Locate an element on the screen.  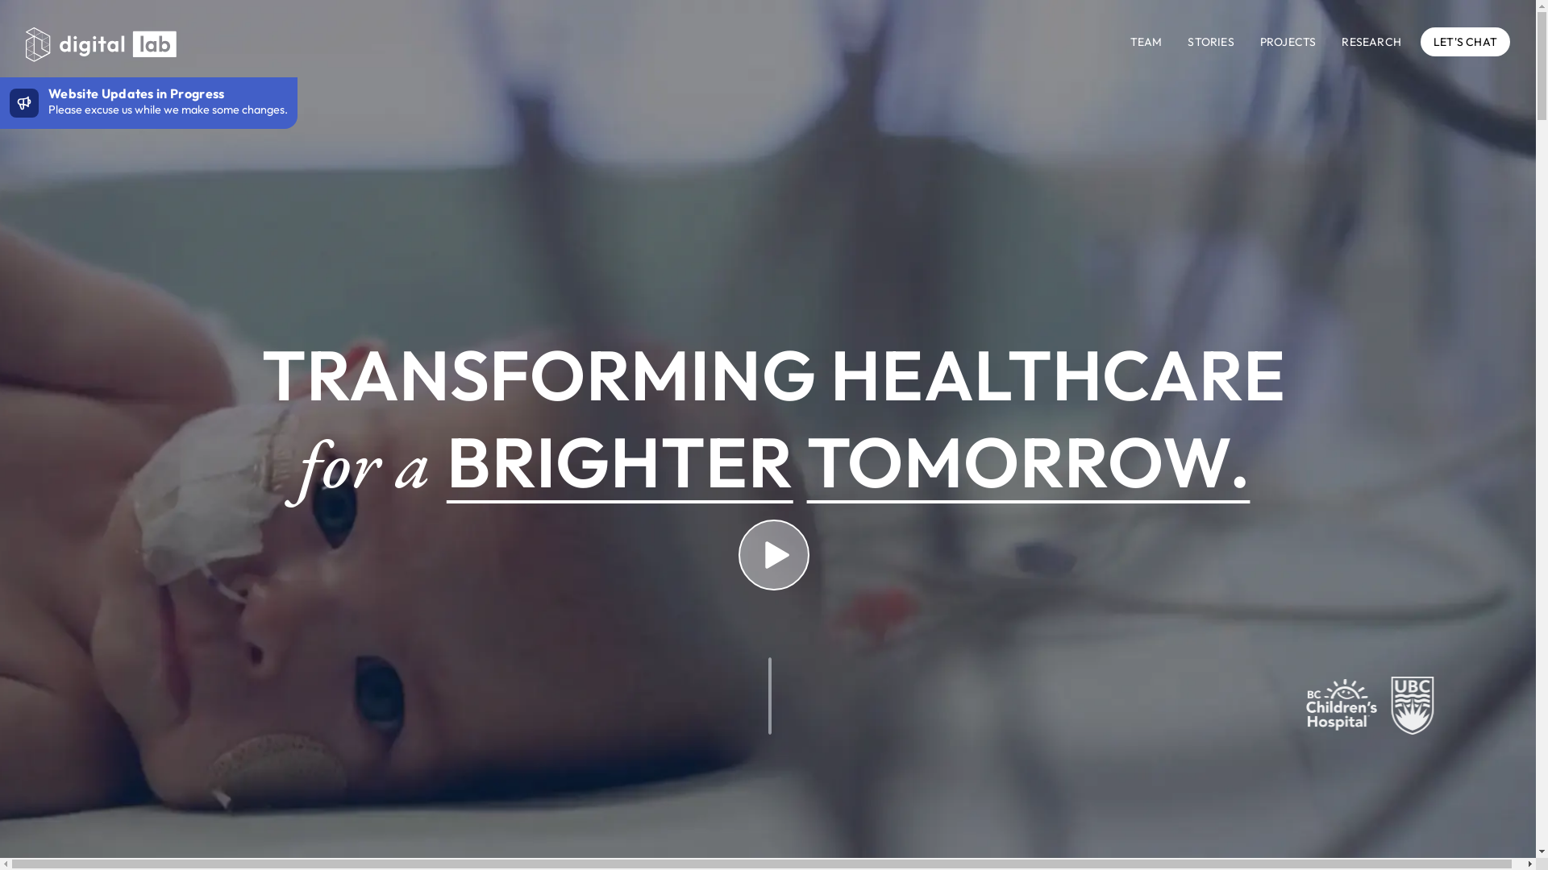
'LET'S CHAT' is located at coordinates (1465, 40).